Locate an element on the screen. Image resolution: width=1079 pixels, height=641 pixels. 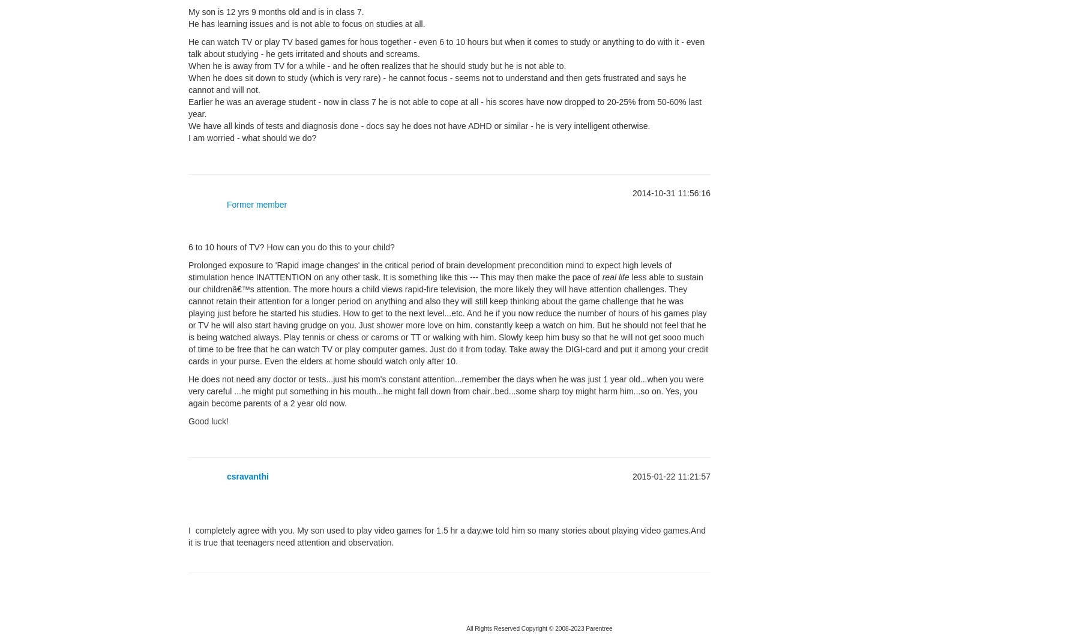
'real life' is located at coordinates (615, 276).